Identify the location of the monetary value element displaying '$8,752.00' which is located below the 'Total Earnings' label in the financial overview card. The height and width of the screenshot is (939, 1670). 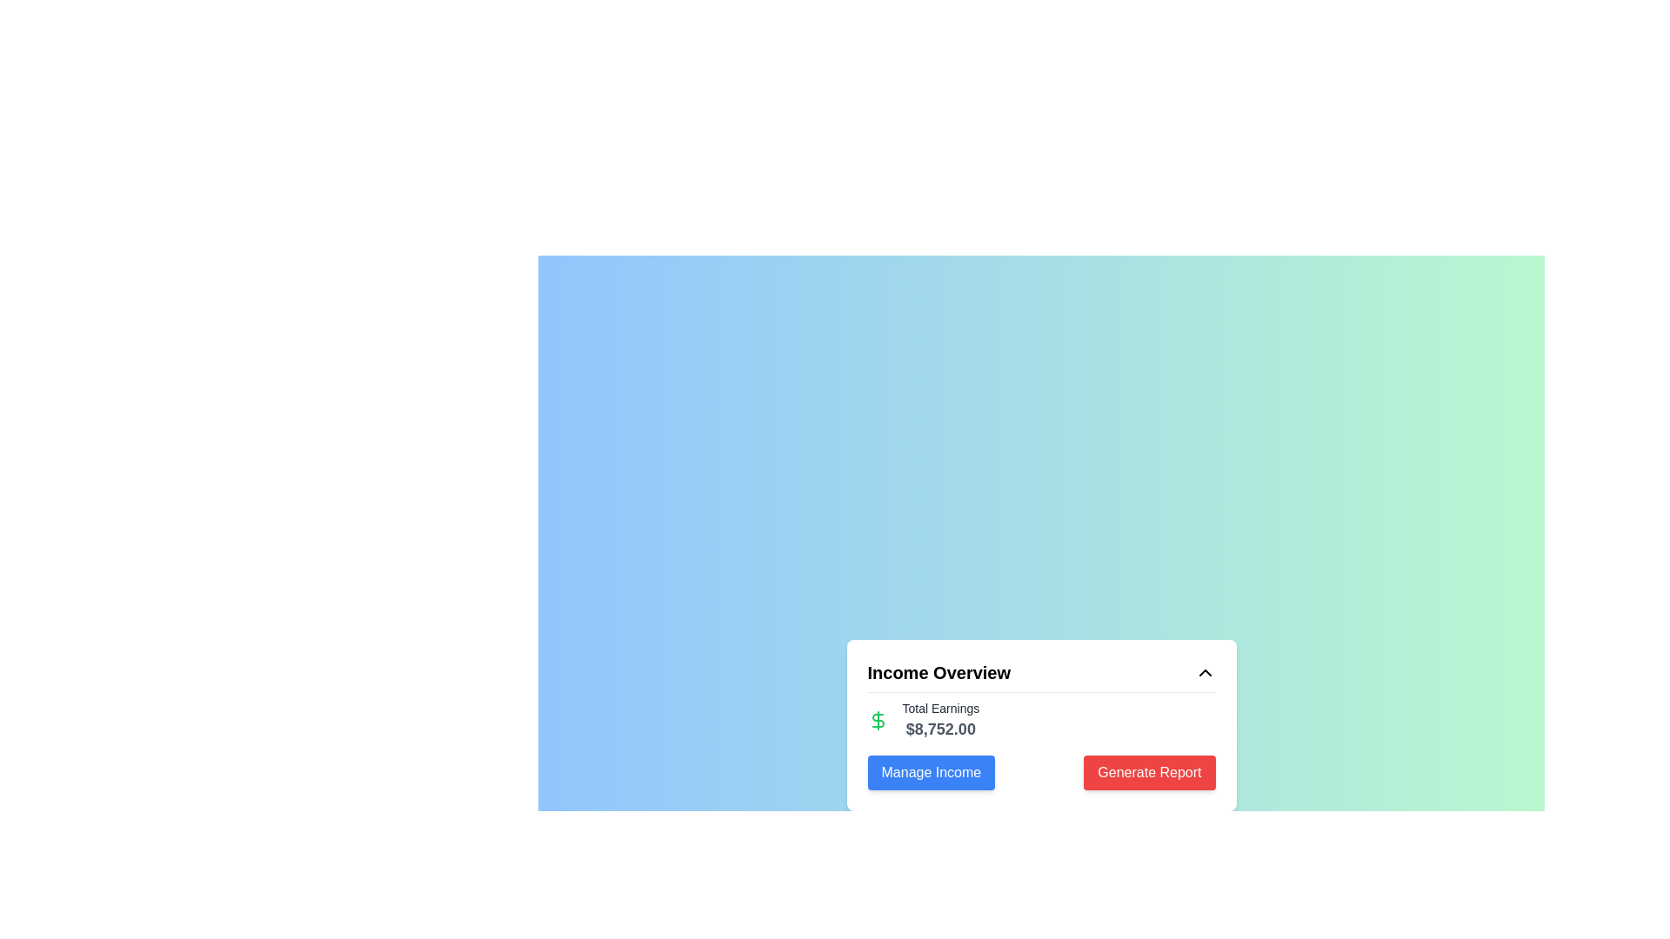
(939, 729).